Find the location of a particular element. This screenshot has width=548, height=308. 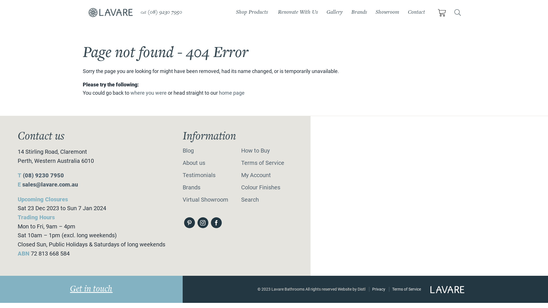

'Terms of Service' is located at coordinates (406, 289).